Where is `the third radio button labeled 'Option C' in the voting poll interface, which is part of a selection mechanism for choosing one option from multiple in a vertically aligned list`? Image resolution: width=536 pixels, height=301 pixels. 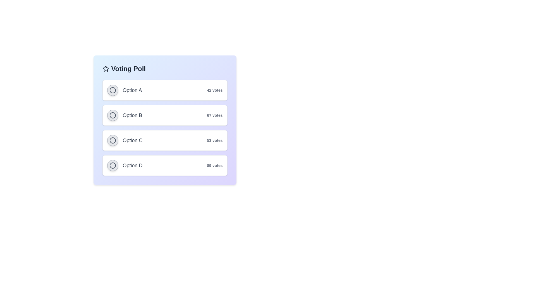
the third radio button labeled 'Option C' in the voting poll interface, which is part of a selection mechanism for choosing one option from multiple in a vertically aligned list is located at coordinates (112, 140).